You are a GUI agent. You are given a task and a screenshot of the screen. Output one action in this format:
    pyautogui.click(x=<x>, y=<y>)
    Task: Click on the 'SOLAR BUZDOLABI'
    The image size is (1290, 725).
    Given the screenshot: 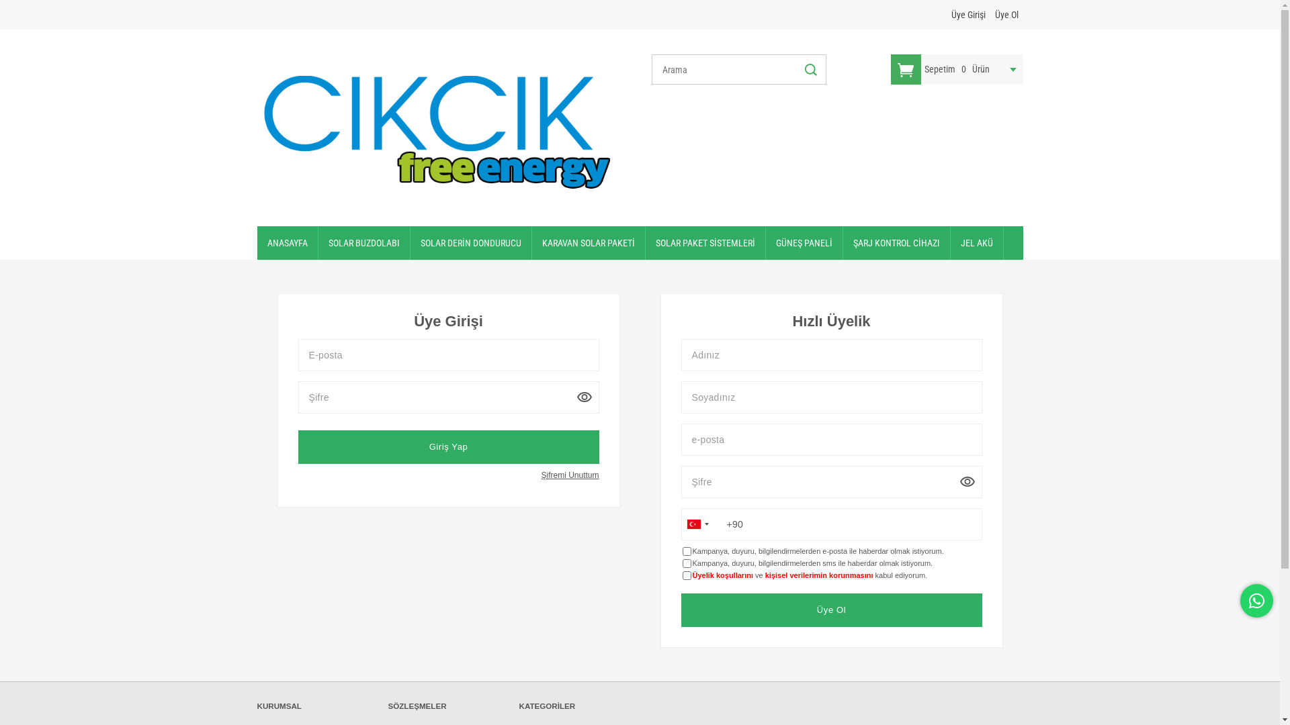 What is the action you would take?
    pyautogui.click(x=364, y=243)
    